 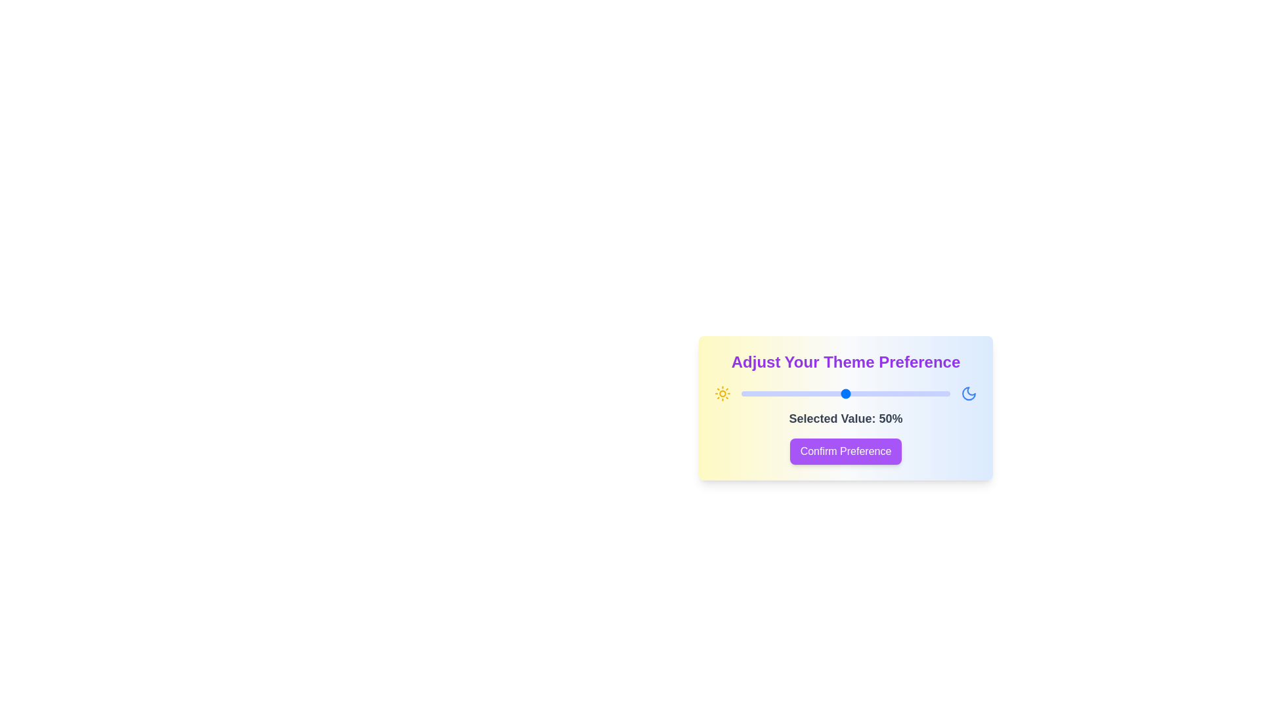 What do you see at coordinates (809, 393) in the screenshot?
I see `the theme slider` at bounding box center [809, 393].